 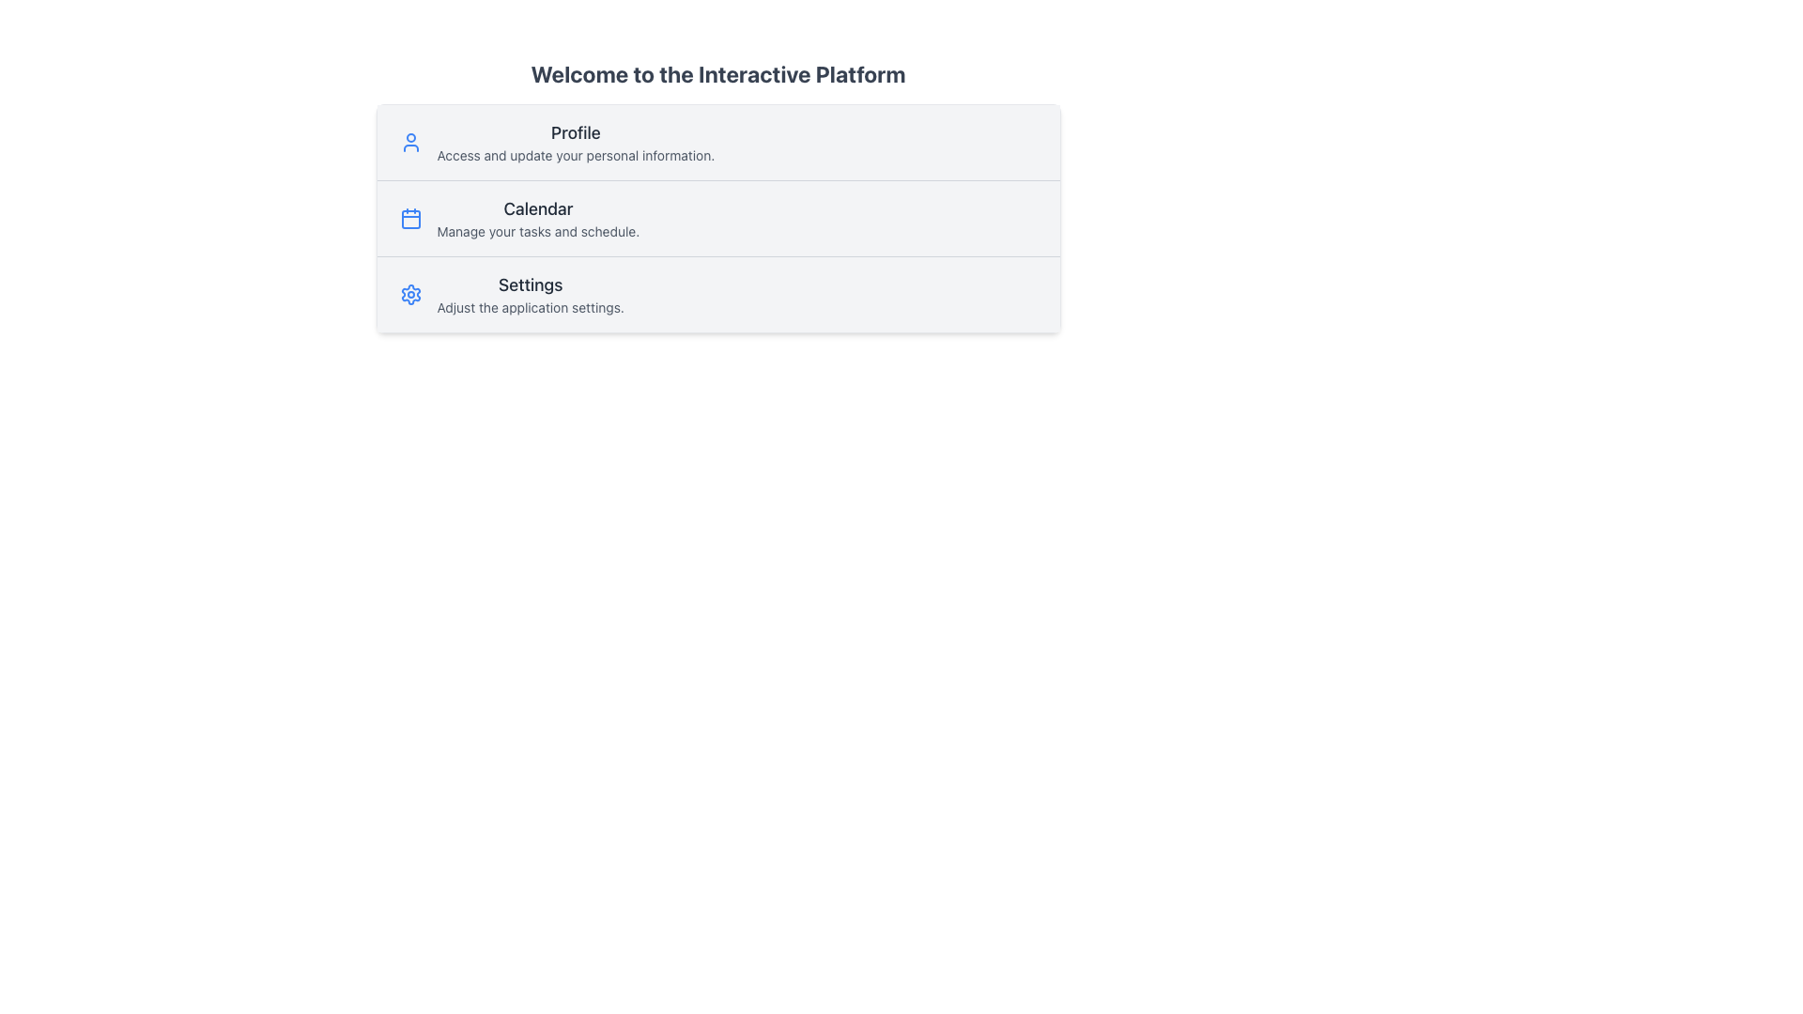 What do you see at coordinates (409, 217) in the screenshot?
I see `the blue calendar icon located in the 'Calendar' section, preceding the text 'Calendar'` at bounding box center [409, 217].